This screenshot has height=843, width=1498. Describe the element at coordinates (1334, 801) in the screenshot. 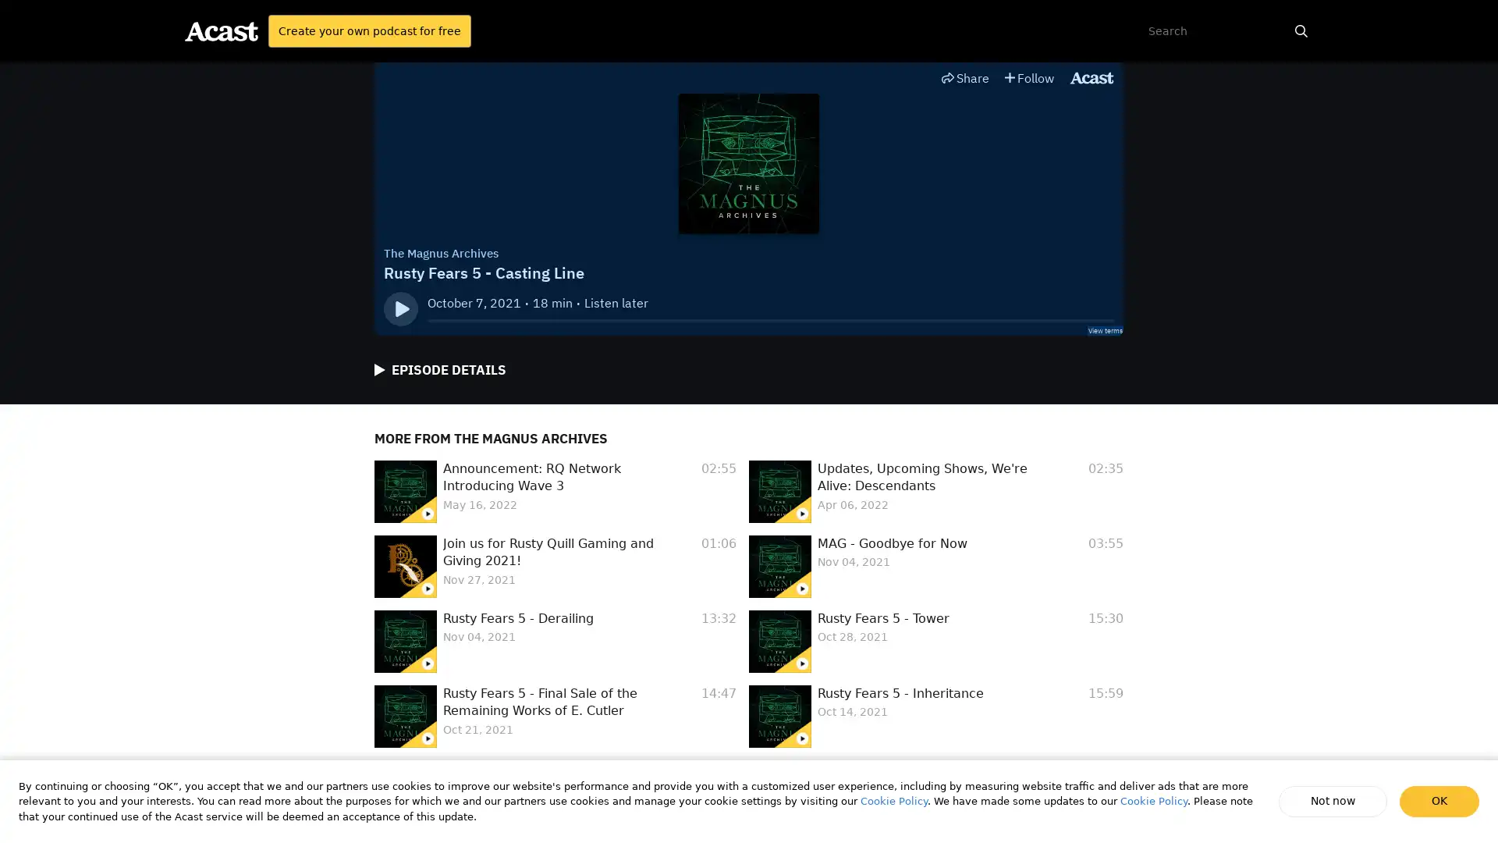

I see `Not now` at that location.